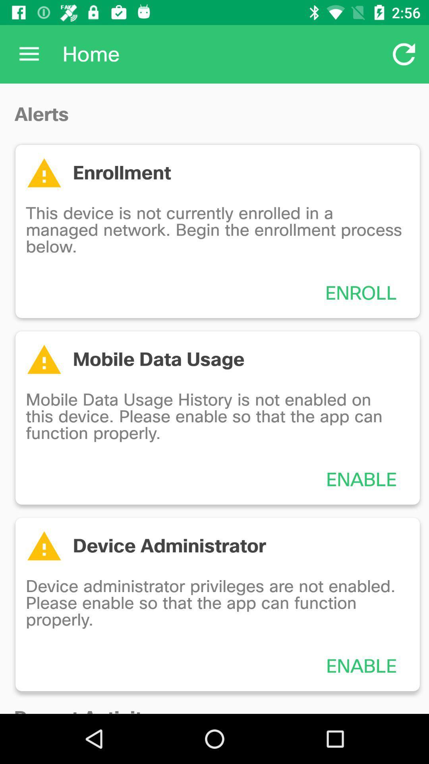 This screenshot has height=764, width=429. Describe the element at coordinates (29, 54) in the screenshot. I see `app to the left of home` at that location.